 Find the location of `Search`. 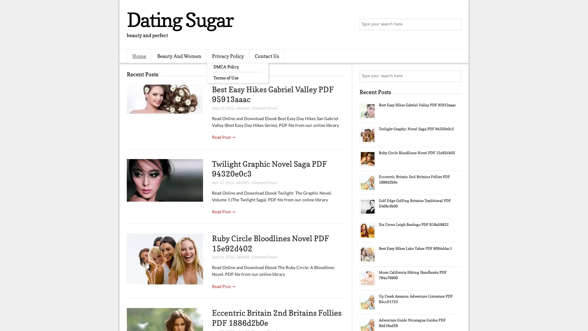

Search is located at coordinates (455, 76).